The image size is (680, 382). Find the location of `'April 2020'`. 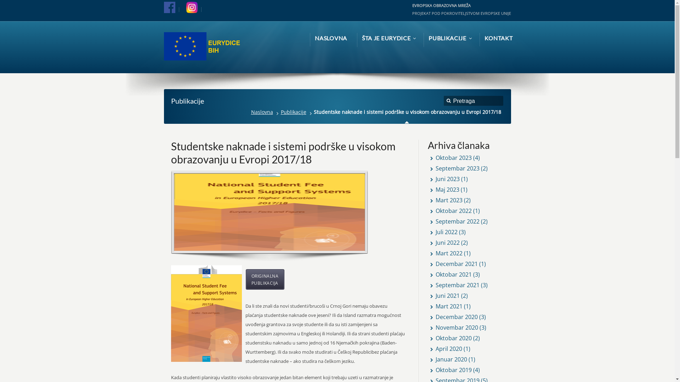

'April 2020' is located at coordinates (448, 348).